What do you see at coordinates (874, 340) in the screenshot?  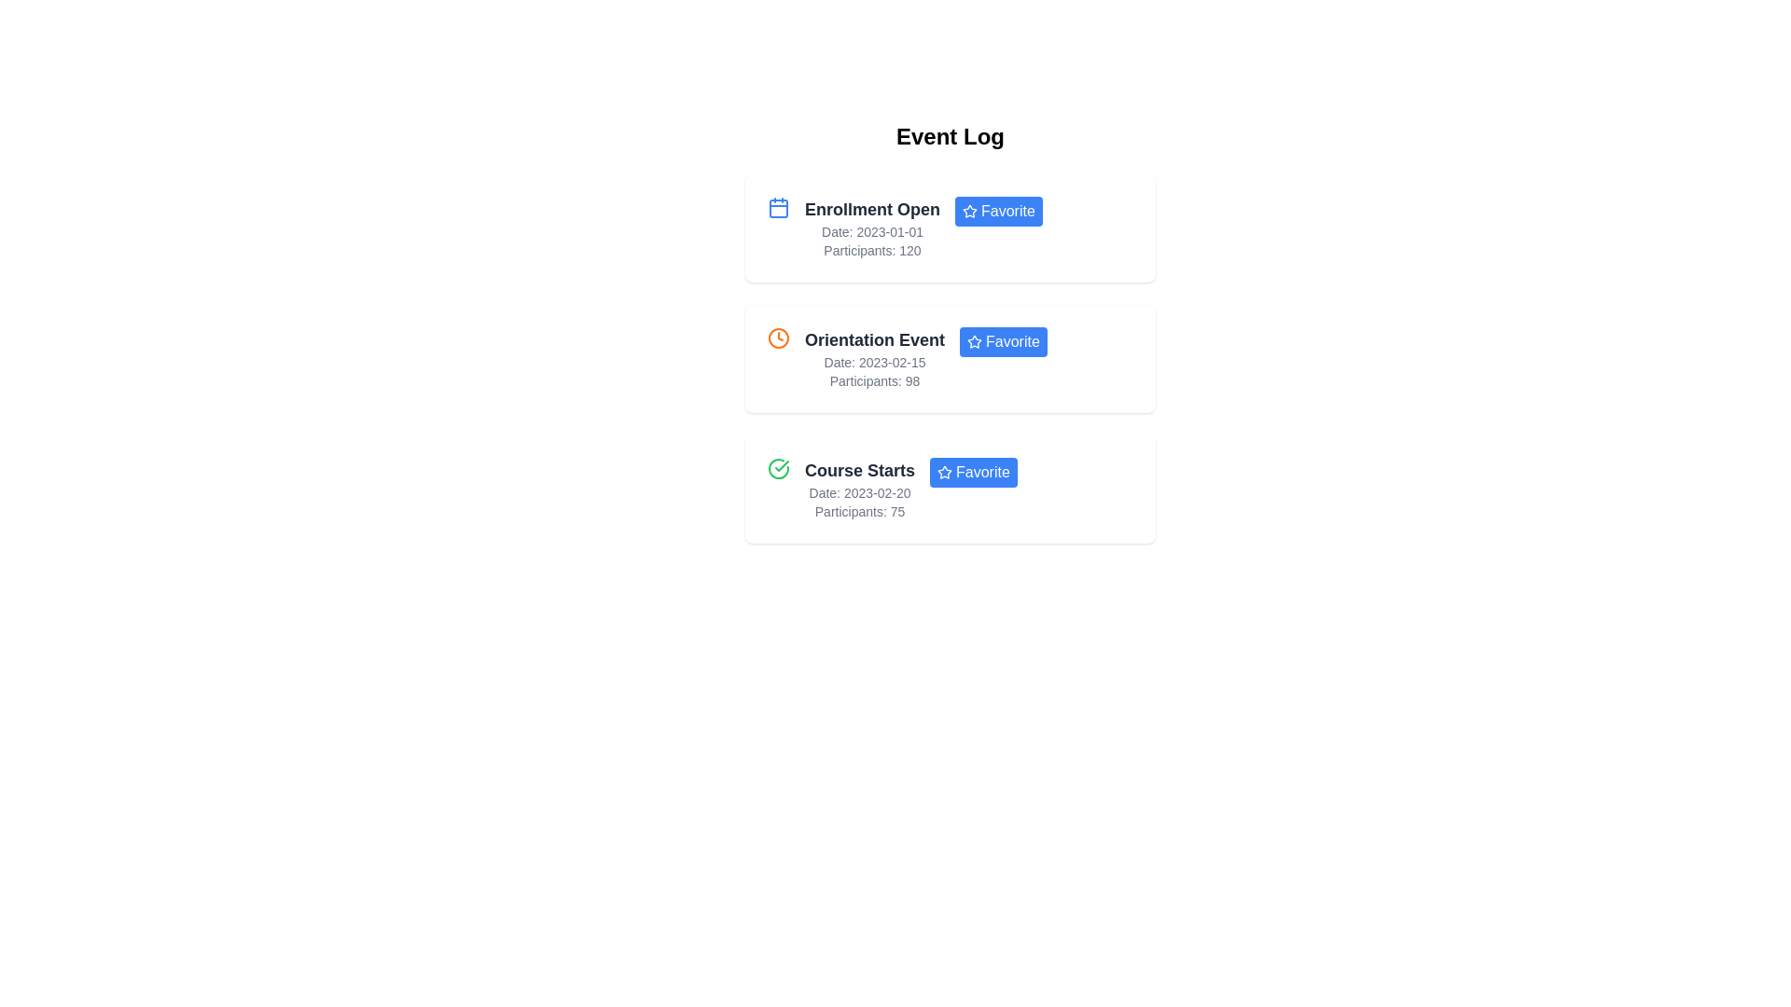 I see `the text label that serves as a headline for the associated event information, which is located in the second event card of a vertical list of three cards` at bounding box center [874, 340].